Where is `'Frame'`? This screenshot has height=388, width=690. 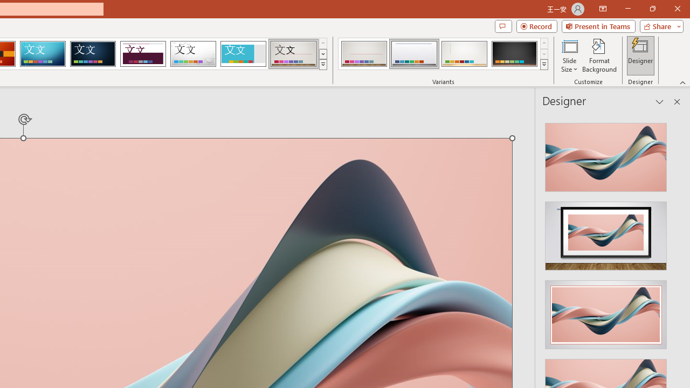 'Frame' is located at coordinates (243, 54).